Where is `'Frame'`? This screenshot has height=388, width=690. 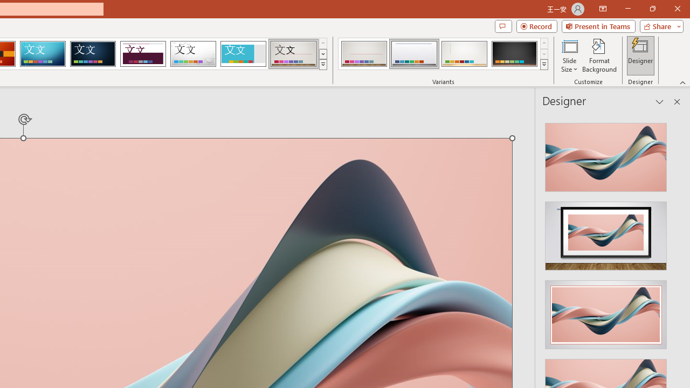 'Frame' is located at coordinates (243, 54).